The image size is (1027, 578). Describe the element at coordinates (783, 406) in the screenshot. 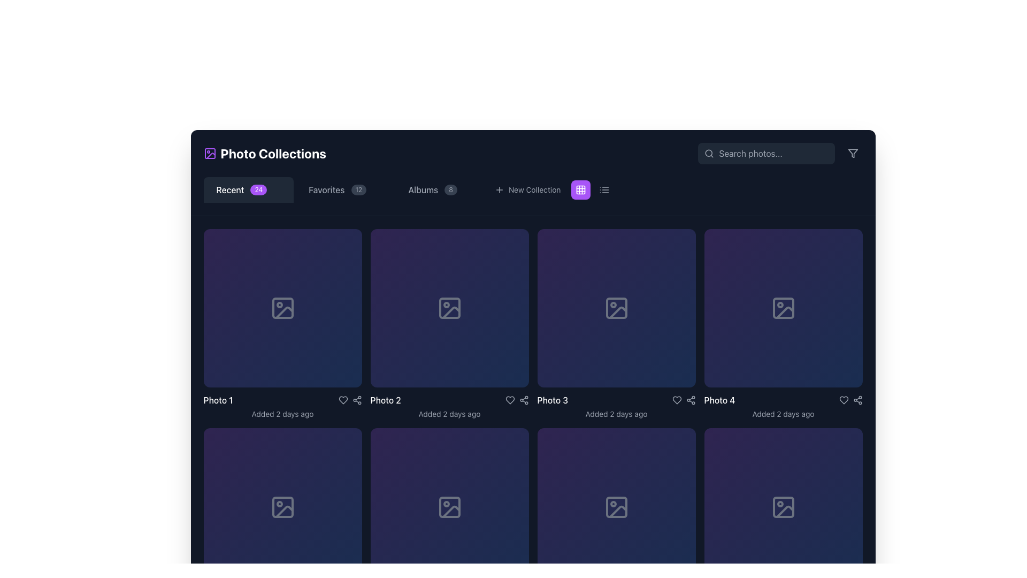

I see `the Description block containing the text 'Photo 4' and 'Added 2 days ago'` at that location.